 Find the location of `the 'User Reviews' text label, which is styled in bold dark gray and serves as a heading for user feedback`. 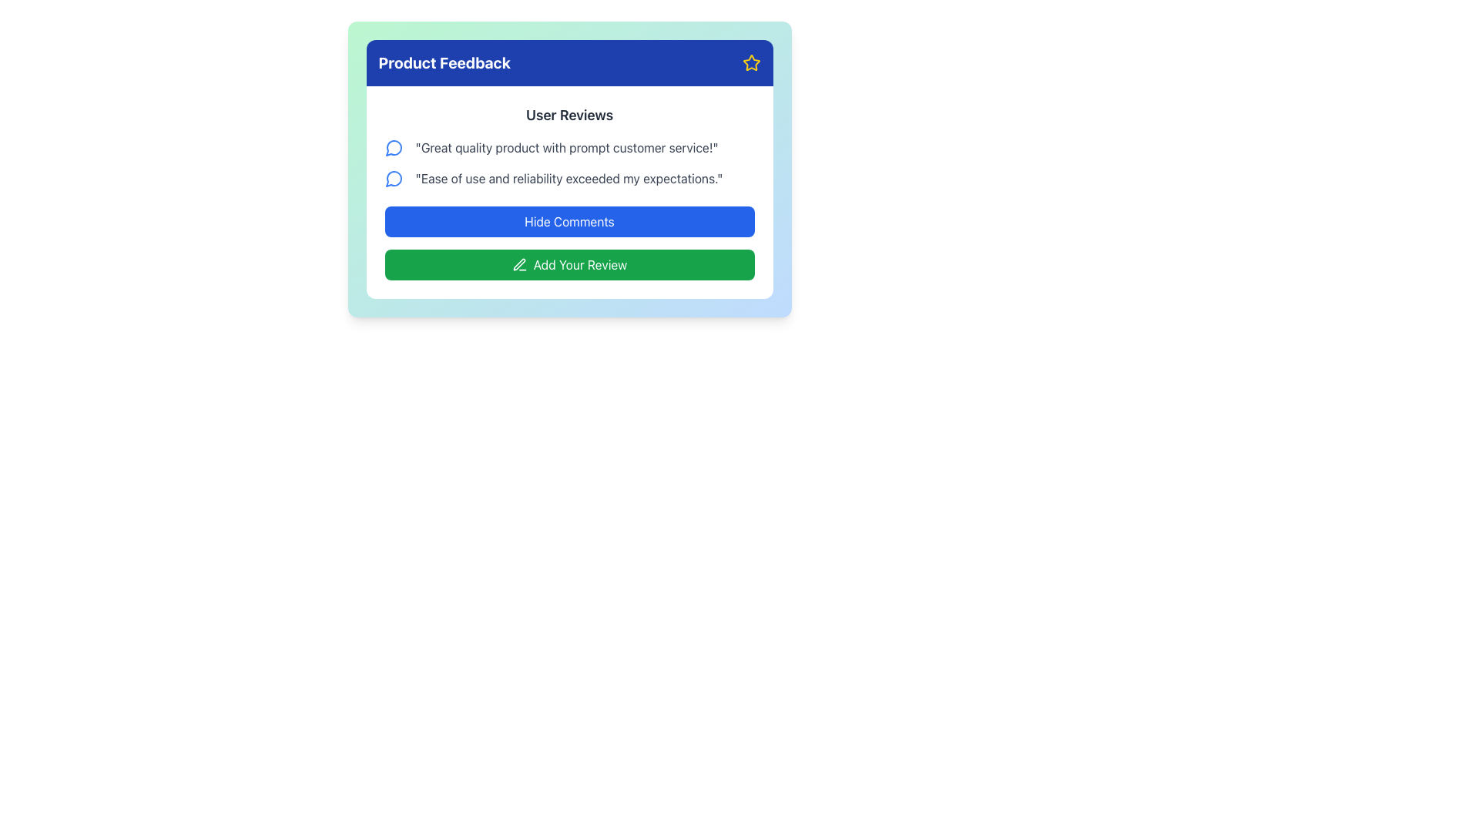

the 'User Reviews' text label, which is styled in bold dark gray and serves as a heading for user feedback is located at coordinates (568, 115).